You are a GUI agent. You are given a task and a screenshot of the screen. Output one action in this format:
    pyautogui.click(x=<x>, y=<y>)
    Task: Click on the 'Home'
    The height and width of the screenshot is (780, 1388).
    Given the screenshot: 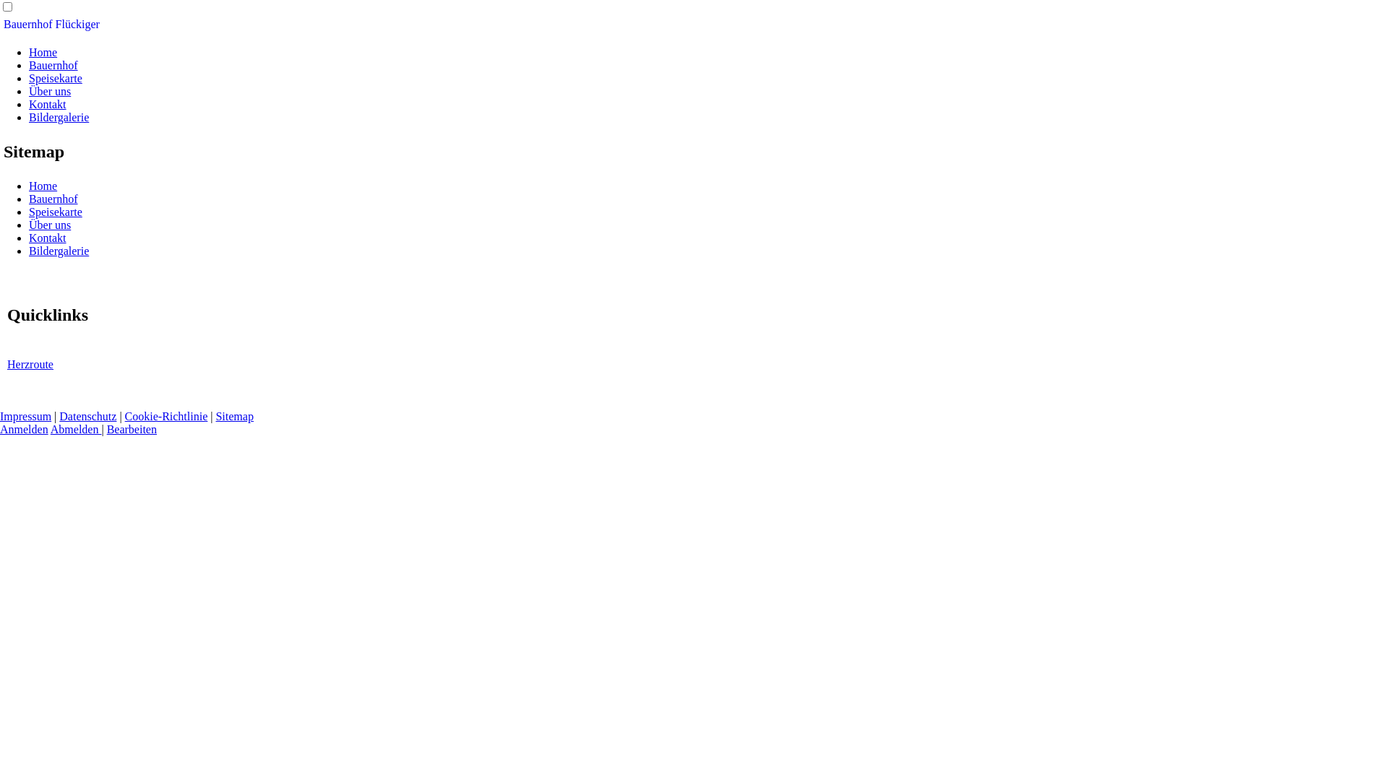 What is the action you would take?
    pyautogui.click(x=43, y=51)
    